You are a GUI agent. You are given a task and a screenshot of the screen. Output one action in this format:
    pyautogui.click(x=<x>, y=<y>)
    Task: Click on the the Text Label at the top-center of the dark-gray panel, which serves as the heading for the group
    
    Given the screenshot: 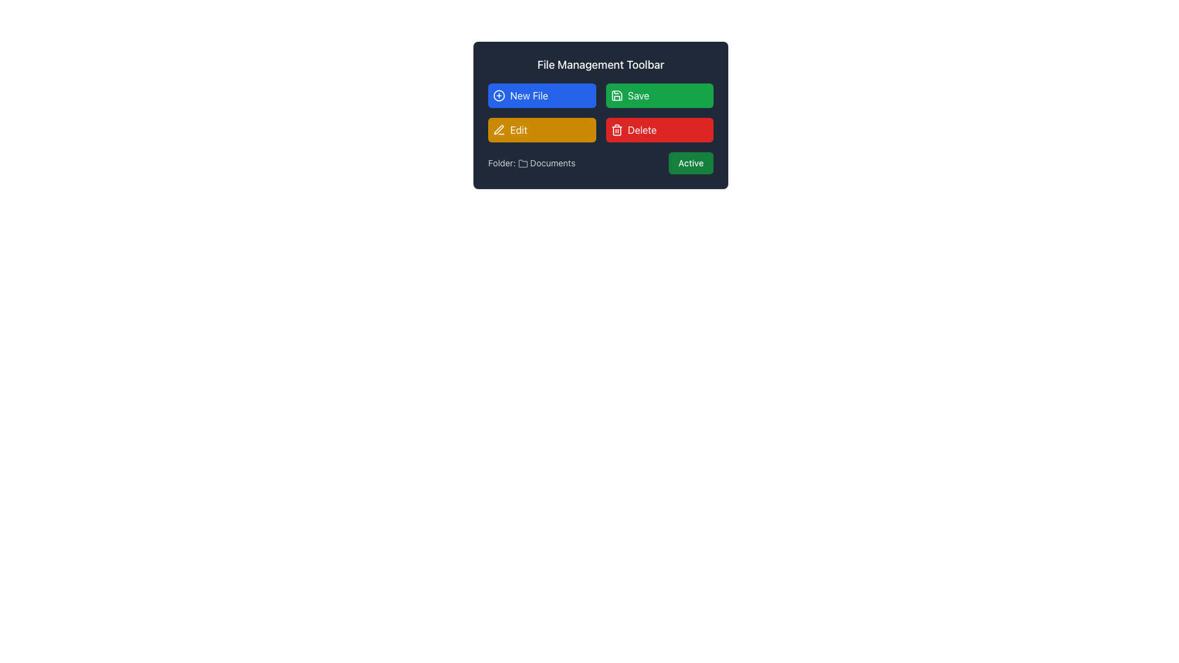 What is the action you would take?
    pyautogui.click(x=601, y=64)
    